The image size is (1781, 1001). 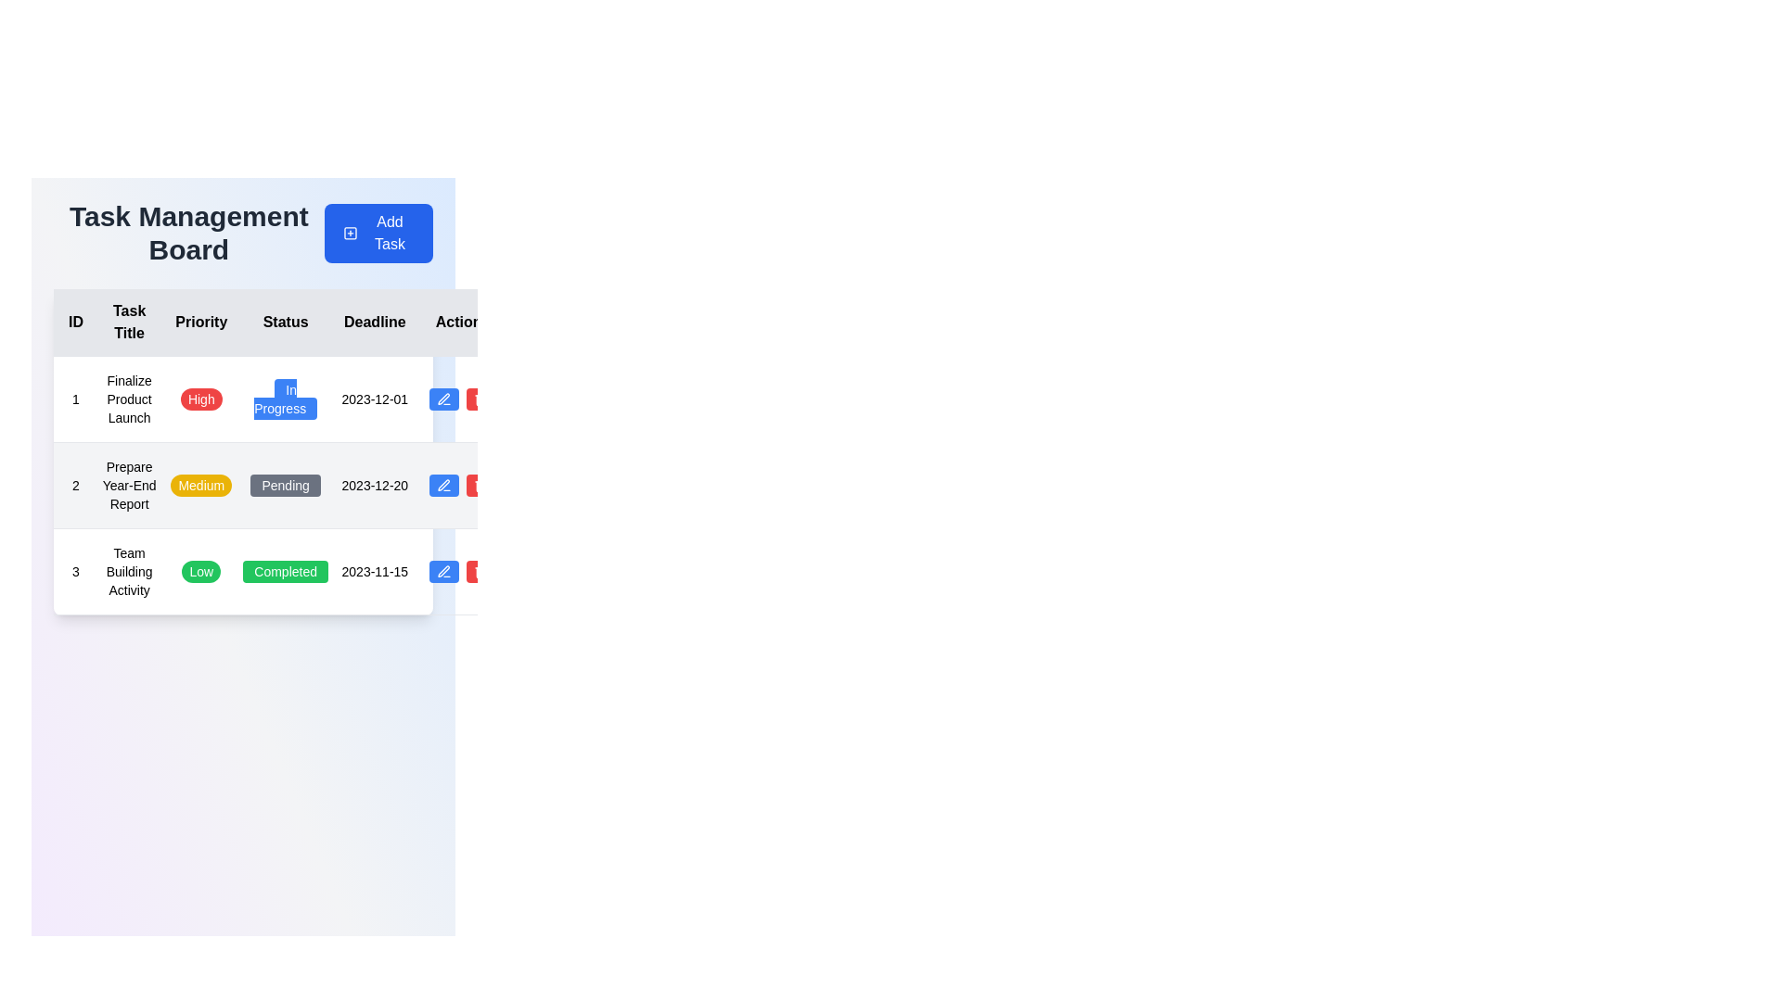 What do you see at coordinates (128, 571) in the screenshot?
I see `the table cell containing the text 'Team Building Activity' in the third row under the 'Task Title' column` at bounding box center [128, 571].